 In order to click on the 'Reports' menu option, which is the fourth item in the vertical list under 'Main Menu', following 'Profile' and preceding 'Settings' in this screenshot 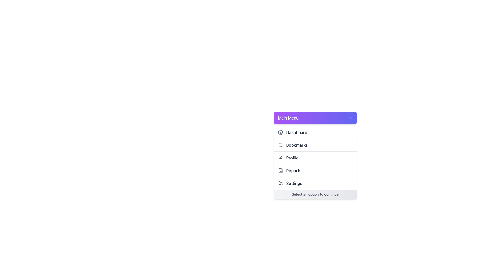, I will do `click(315, 170)`.